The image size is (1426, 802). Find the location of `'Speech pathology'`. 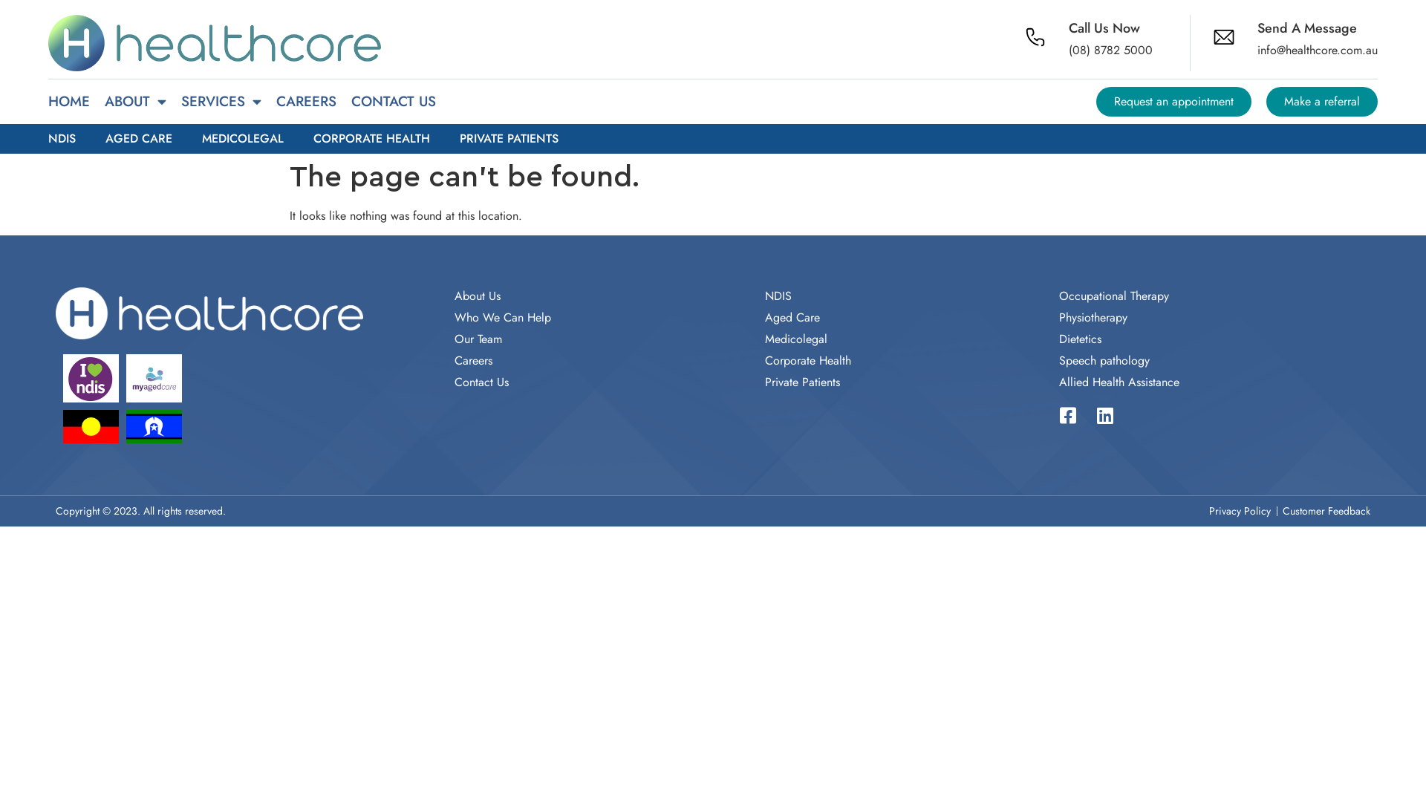

'Speech pathology' is located at coordinates (1104, 361).